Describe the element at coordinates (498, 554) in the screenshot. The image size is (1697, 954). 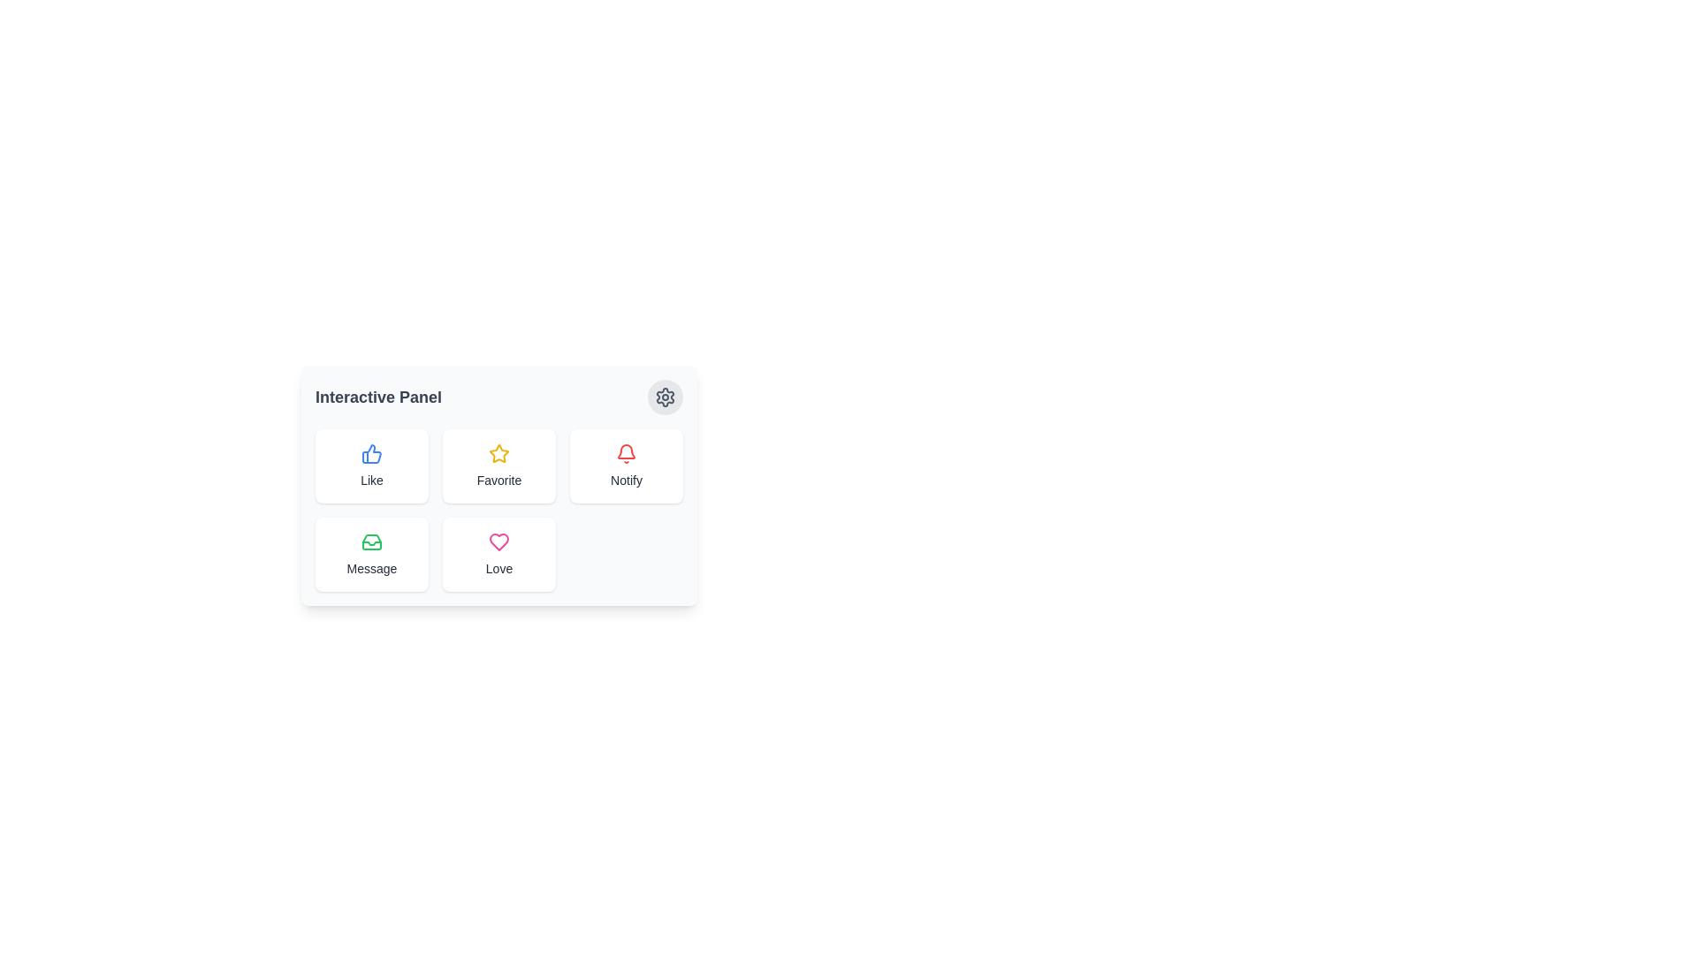
I see `the interactive 'Love' button located in the middle column of the bottom row of the grid layout, positioned directly below the 'Favorite' element and` at that location.